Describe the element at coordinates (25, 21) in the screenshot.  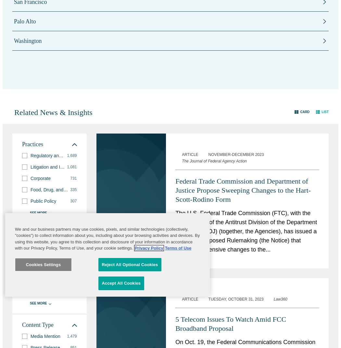
I see `'Palo Alto'` at that location.